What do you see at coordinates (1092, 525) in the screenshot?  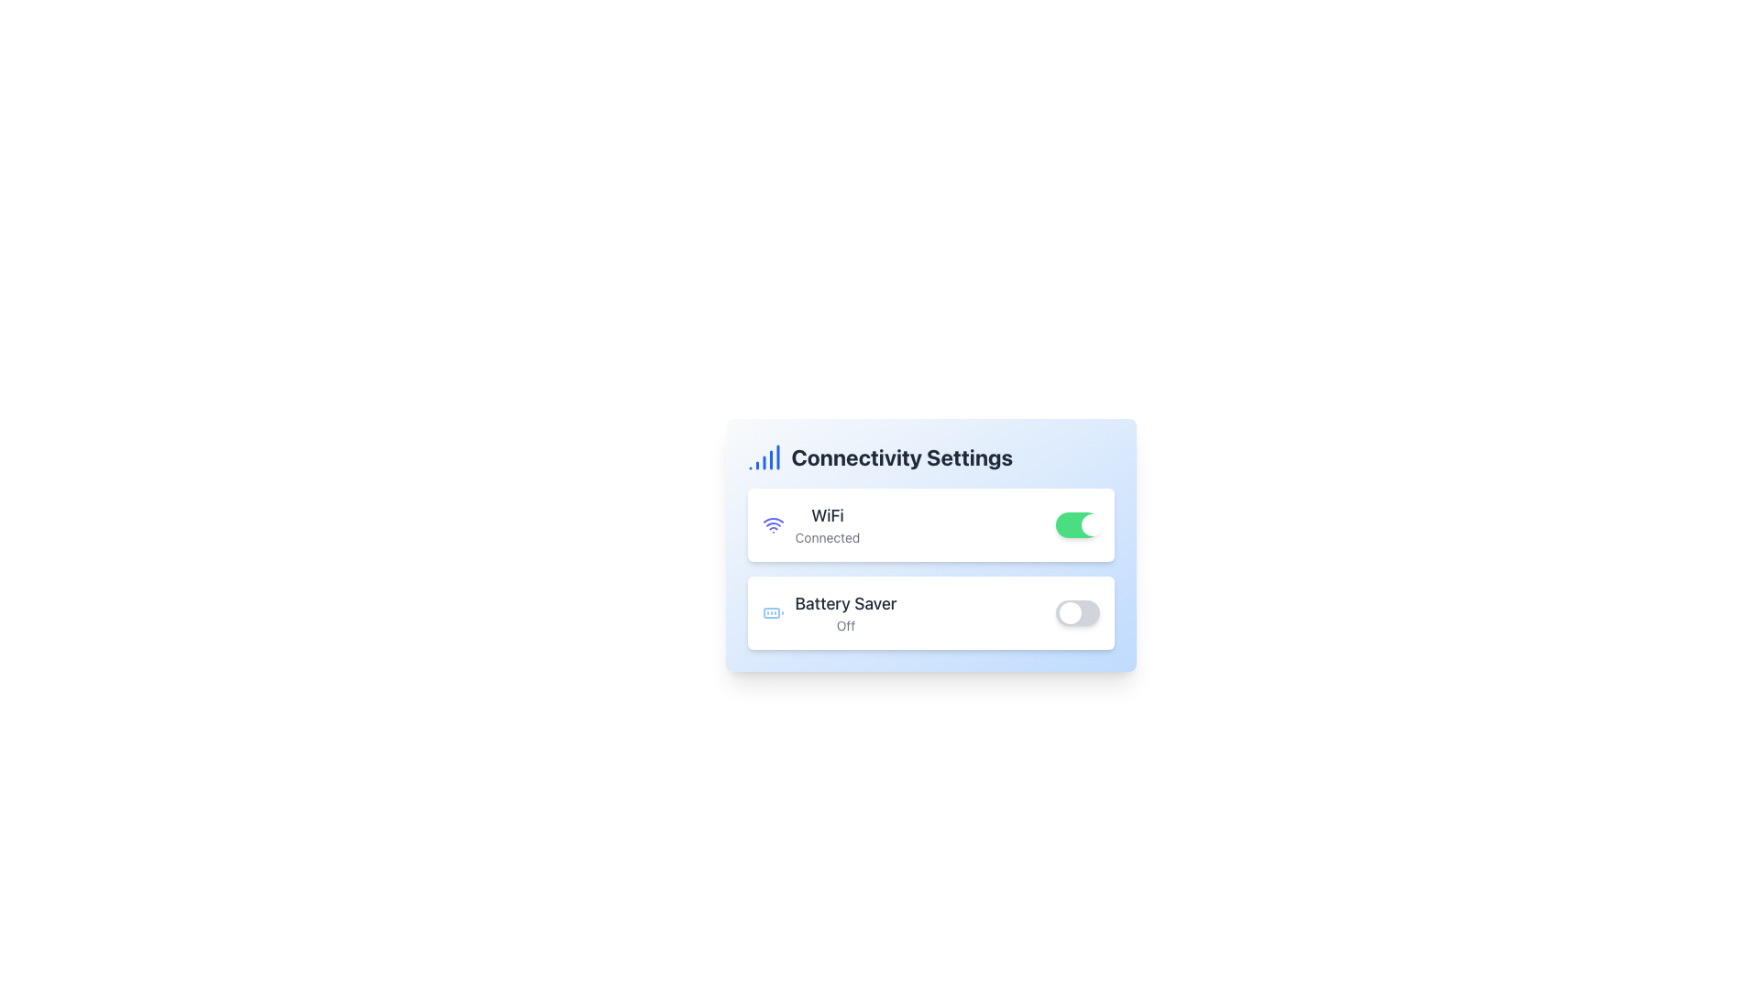 I see `the toggle handle located at the far right of the WiFi settings section in the Connectivity Settings panel` at bounding box center [1092, 525].